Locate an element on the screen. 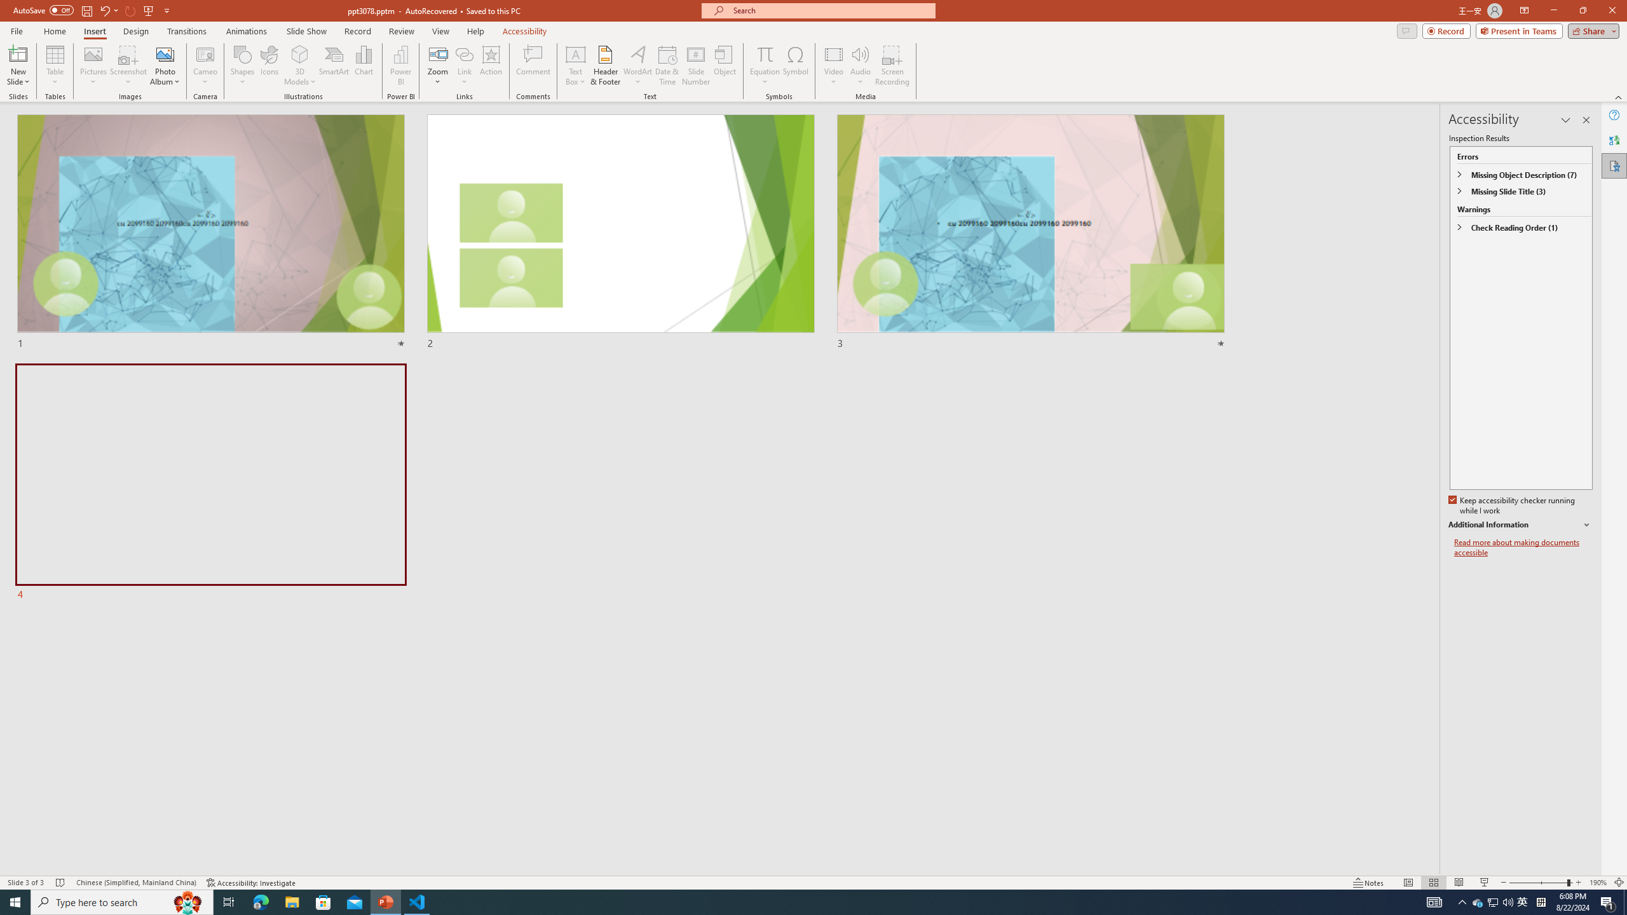 The height and width of the screenshot is (915, 1627). 'Slide Number' is located at coordinates (695, 65).